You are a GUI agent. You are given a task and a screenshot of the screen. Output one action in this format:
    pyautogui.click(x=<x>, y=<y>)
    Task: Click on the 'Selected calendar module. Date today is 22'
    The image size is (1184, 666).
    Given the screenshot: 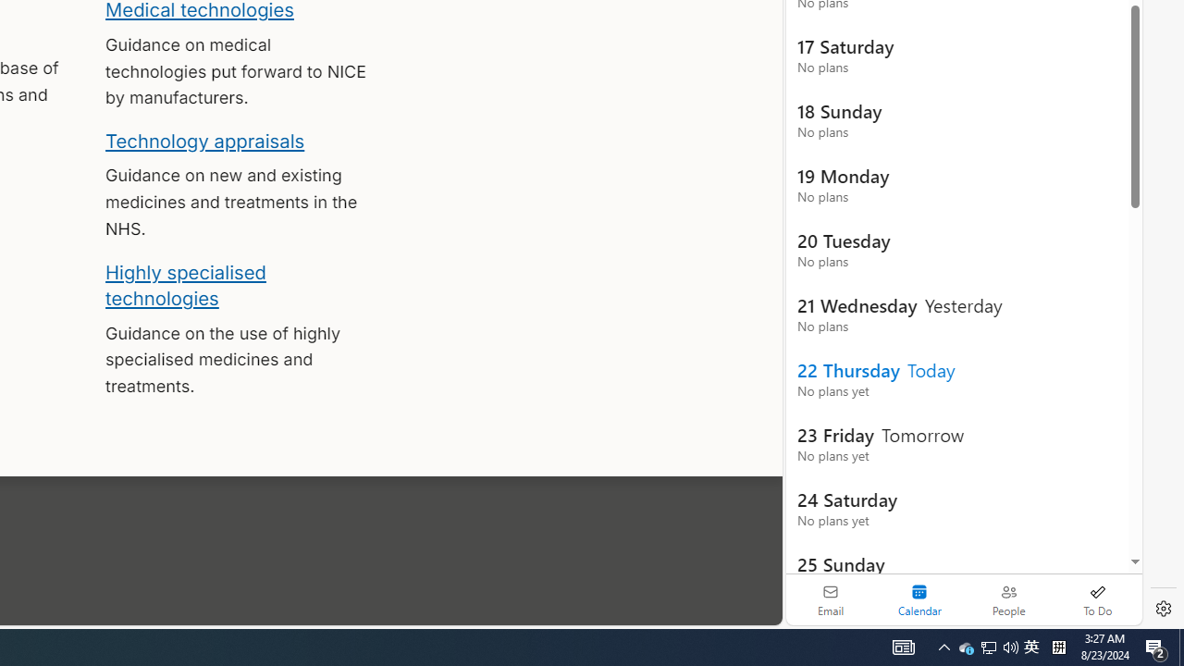 What is the action you would take?
    pyautogui.click(x=919, y=599)
    